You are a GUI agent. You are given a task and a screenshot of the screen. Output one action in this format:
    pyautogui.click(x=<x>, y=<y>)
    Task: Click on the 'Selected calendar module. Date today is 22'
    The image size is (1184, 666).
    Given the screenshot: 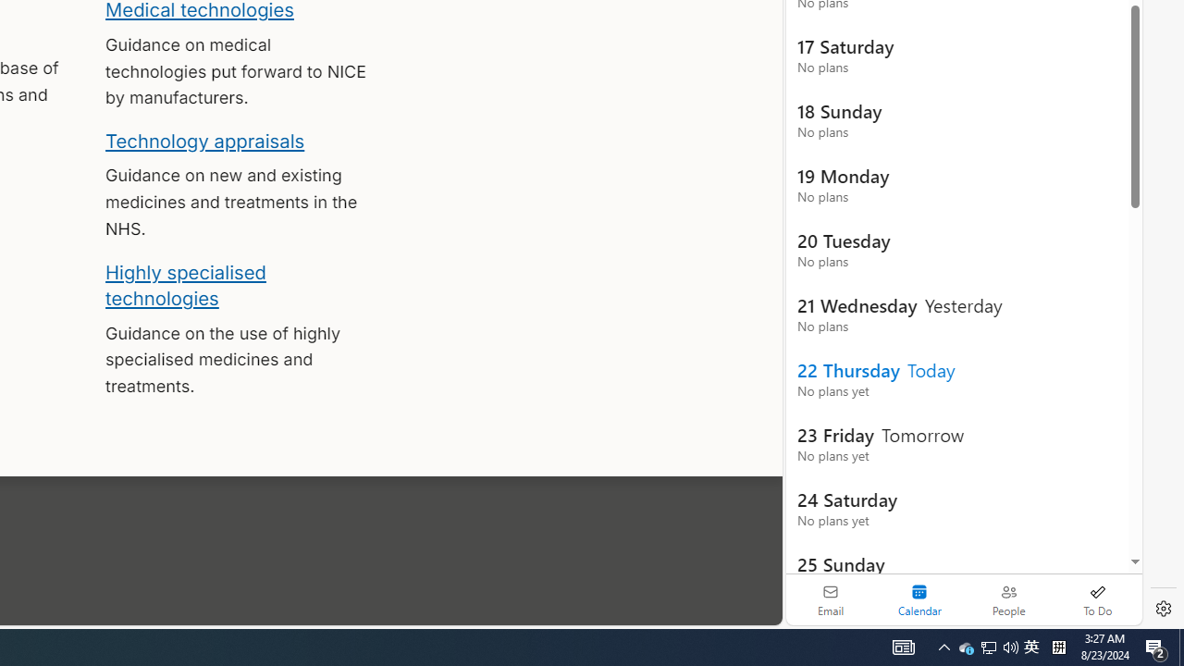 What is the action you would take?
    pyautogui.click(x=919, y=599)
    